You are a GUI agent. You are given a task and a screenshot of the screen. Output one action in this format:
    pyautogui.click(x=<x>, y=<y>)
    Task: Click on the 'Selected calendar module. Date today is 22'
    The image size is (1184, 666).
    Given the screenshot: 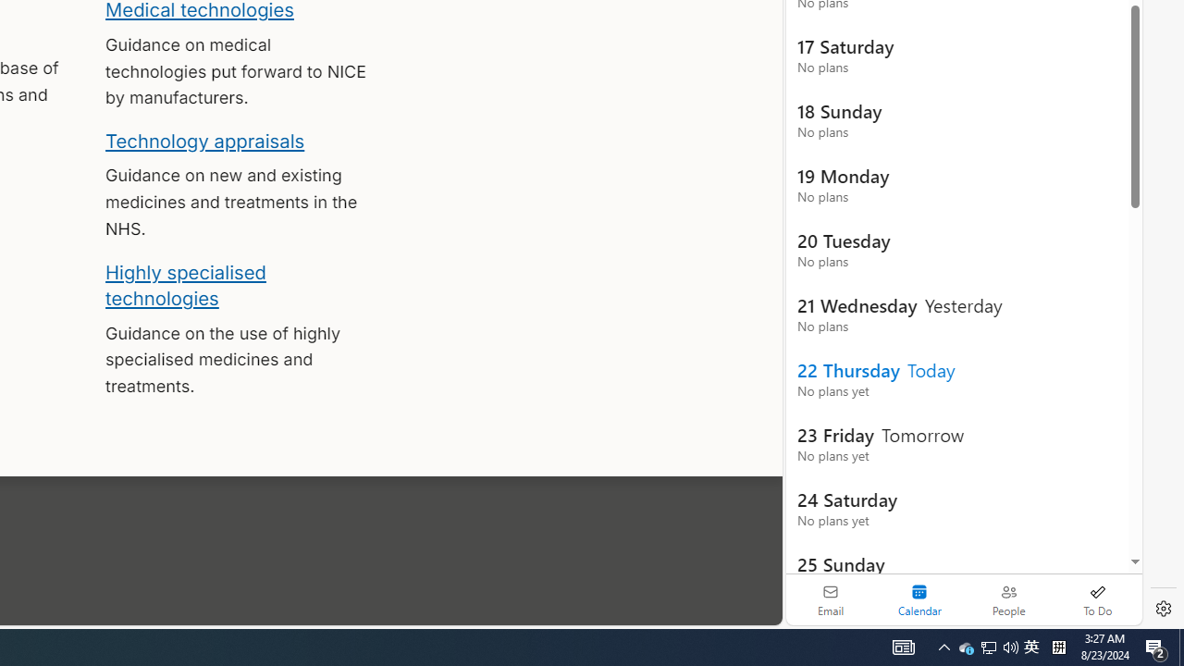 What is the action you would take?
    pyautogui.click(x=919, y=599)
    